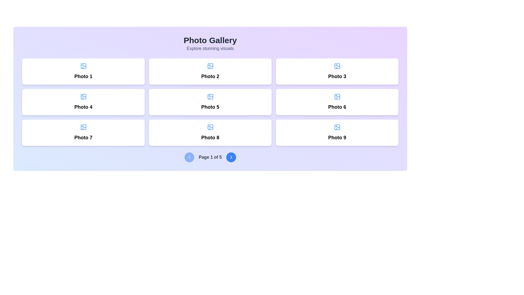 The height and width of the screenshot is (295, 524). I want to click on the blue-outlined rectangle with rounded corners that represents a placeholder image, located in the bottom-right corner of the content labeled 'Photo 9' in the third row and third column of the grid, so click(337, 127).